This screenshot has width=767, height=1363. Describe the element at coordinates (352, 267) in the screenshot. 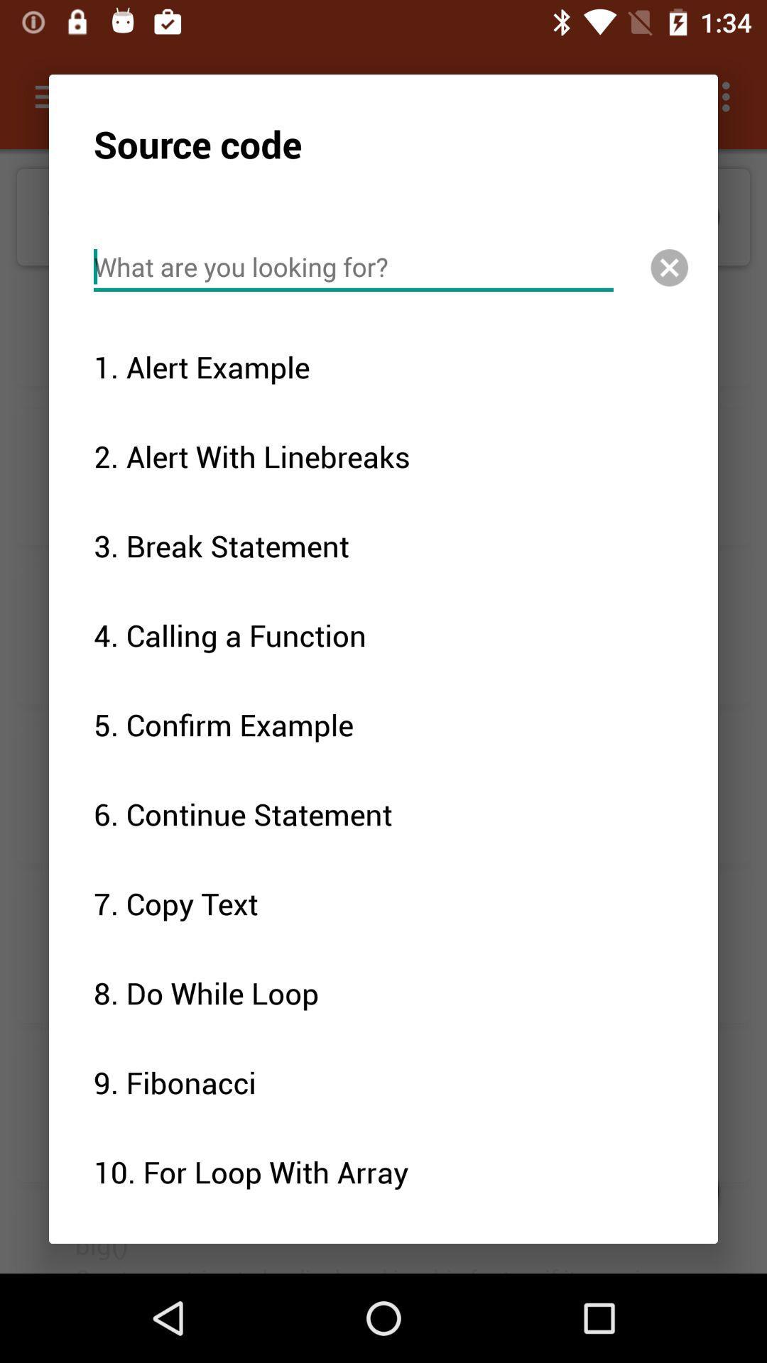

I see `the icon above the 1. alert example item` at that location.